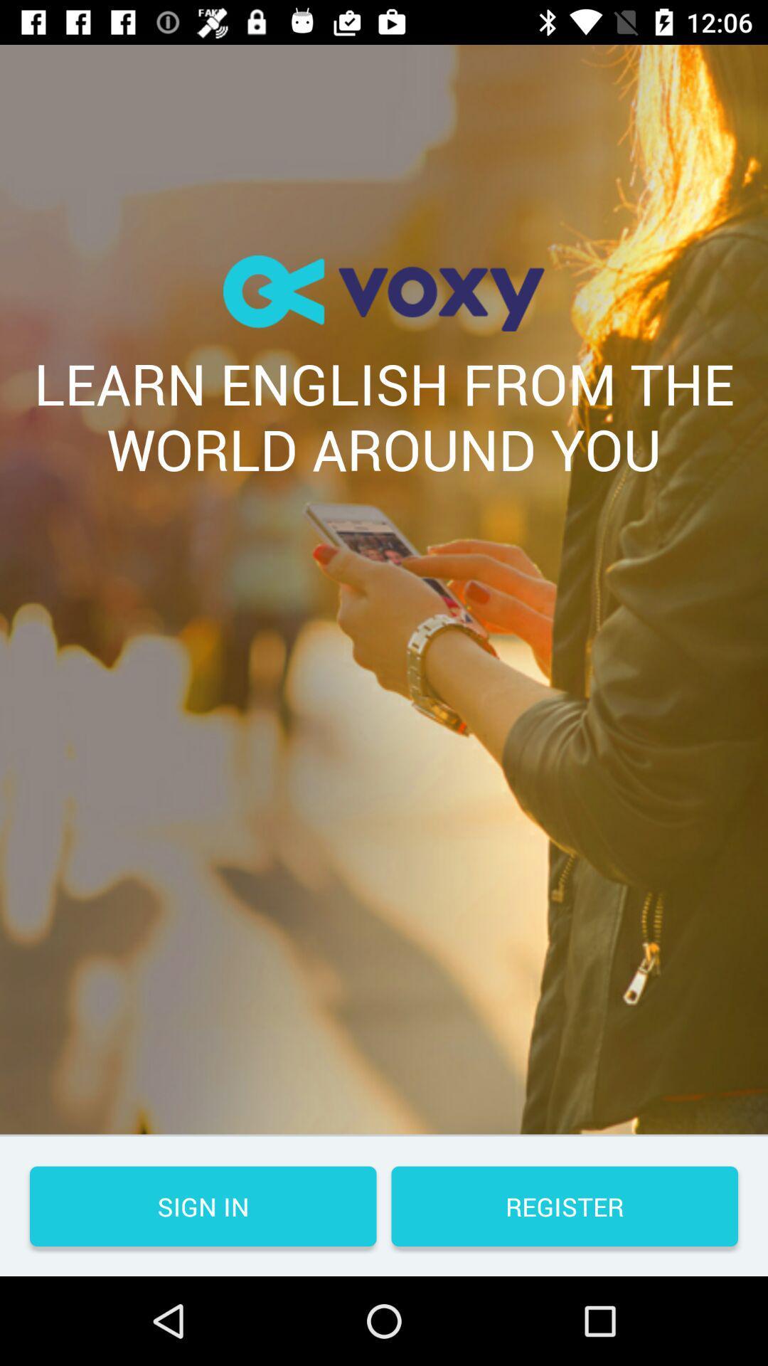 This screenshot has width=768, height=1366. What do you see at coordinates (203, 1205) in the screenshot?
I see `the button to the left of register button` at bounding box center [203, 1205].